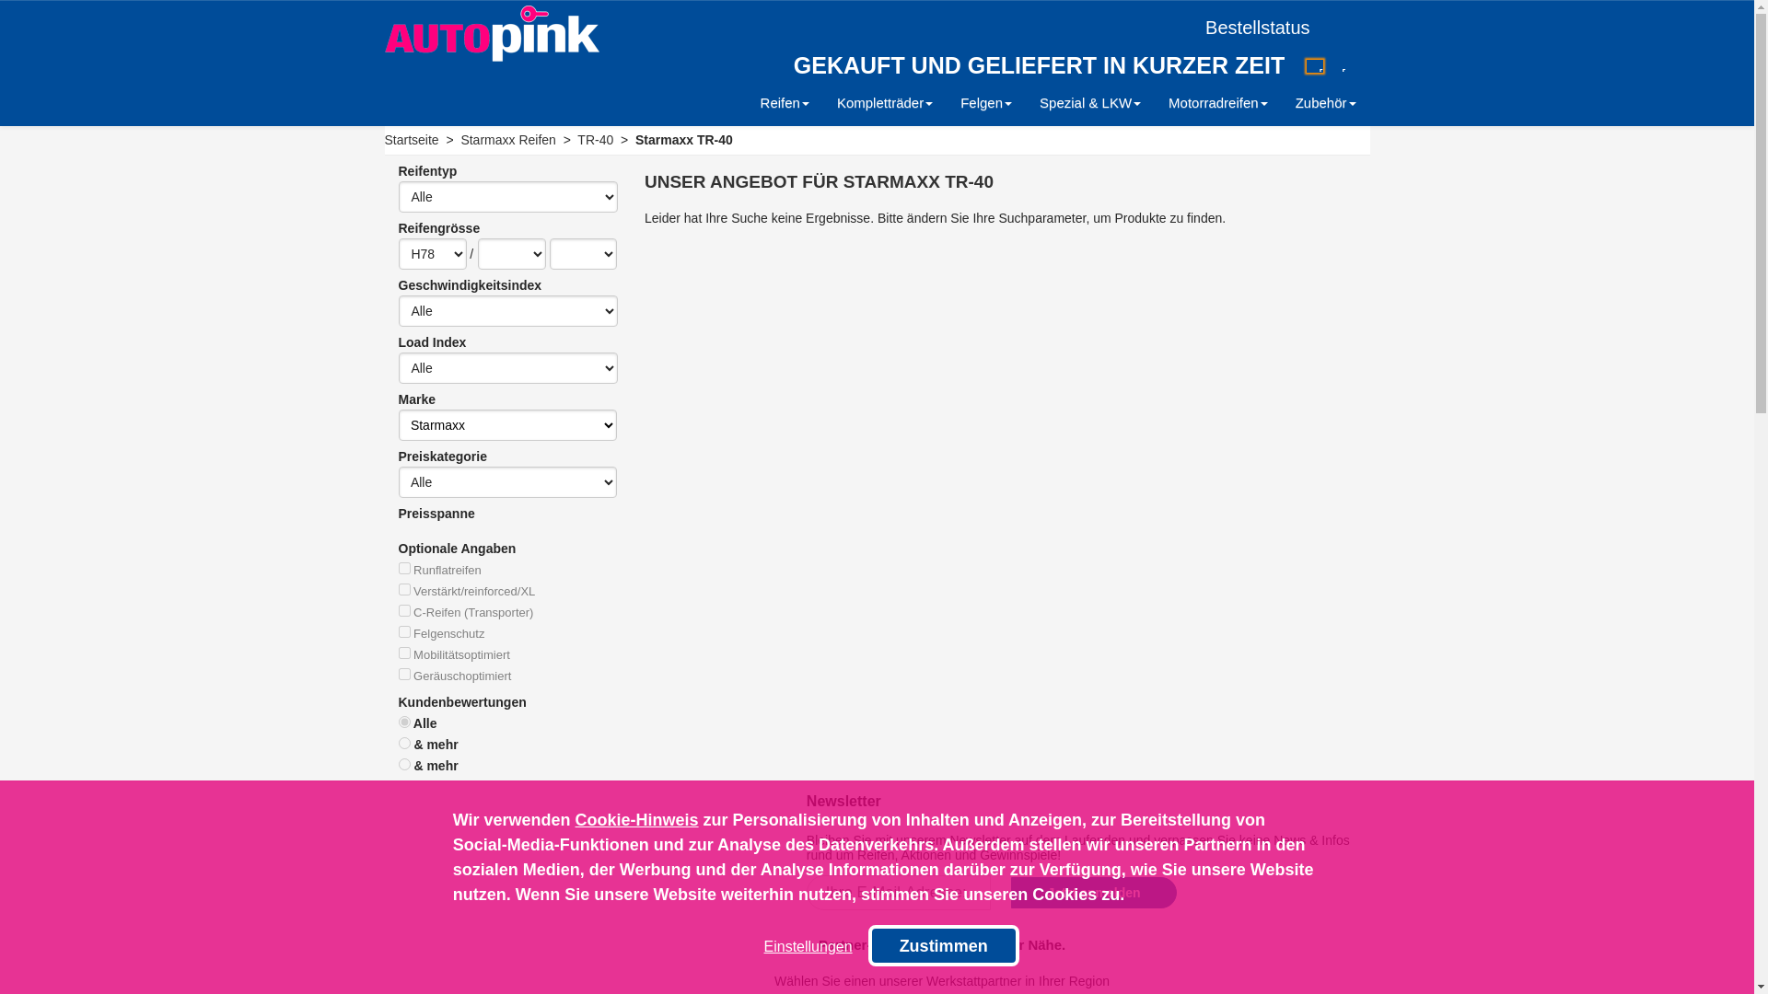 The width and height of the screenshot is (1768, 994). I want to click on 'Jetzt anmelden', so click(1094, 891).